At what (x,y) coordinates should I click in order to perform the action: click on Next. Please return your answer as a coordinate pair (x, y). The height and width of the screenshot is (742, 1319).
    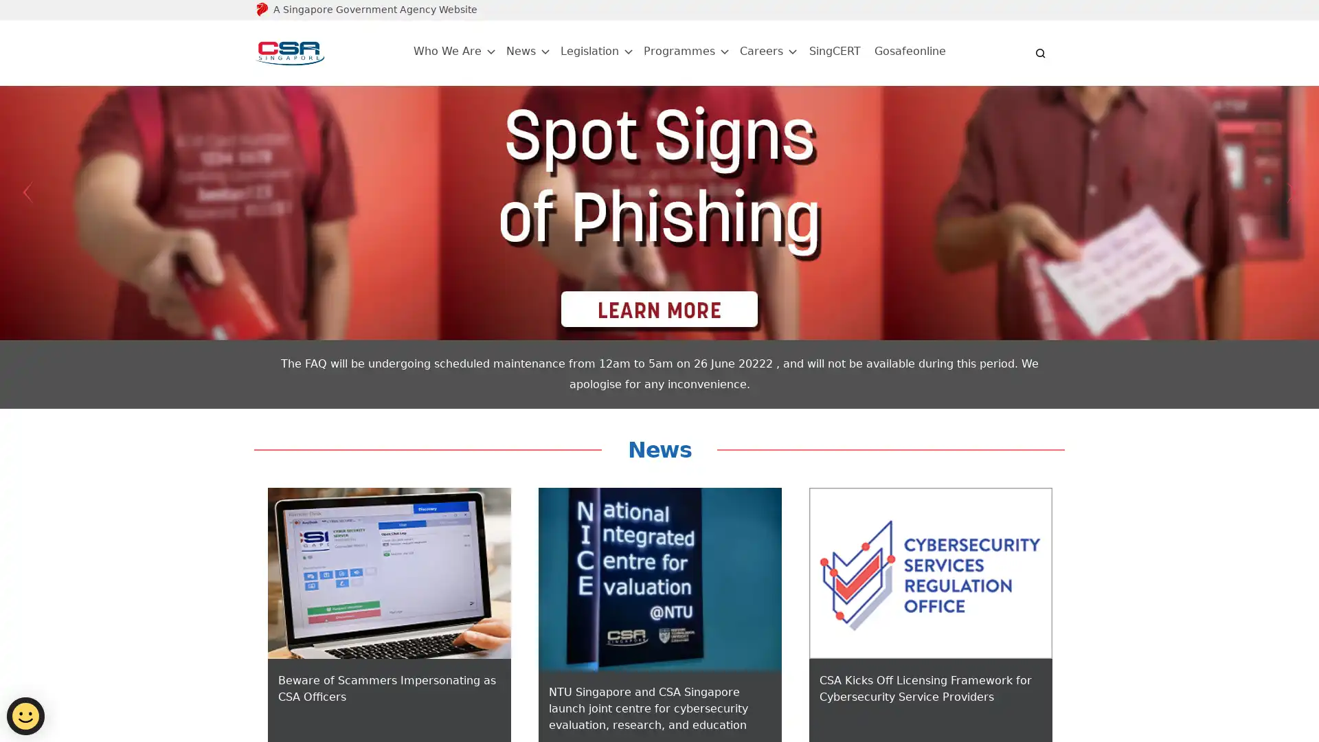
    Looking at the image, I should click on (1291, 192).